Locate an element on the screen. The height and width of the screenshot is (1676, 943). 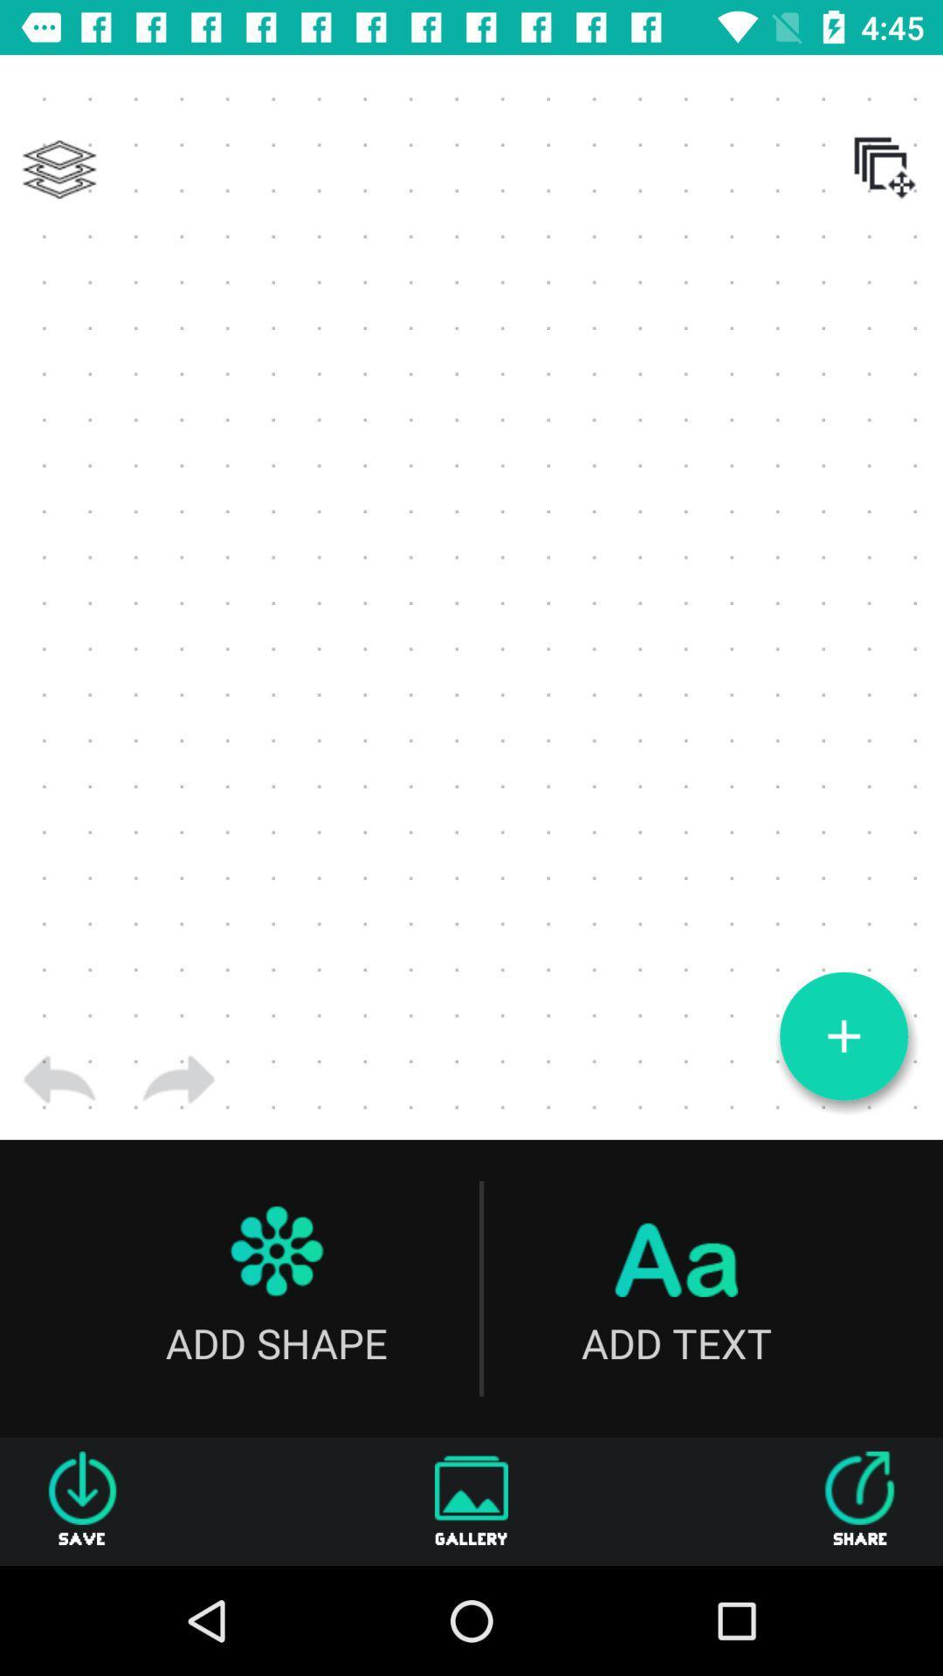
event is located at coordinates (843, 1036).